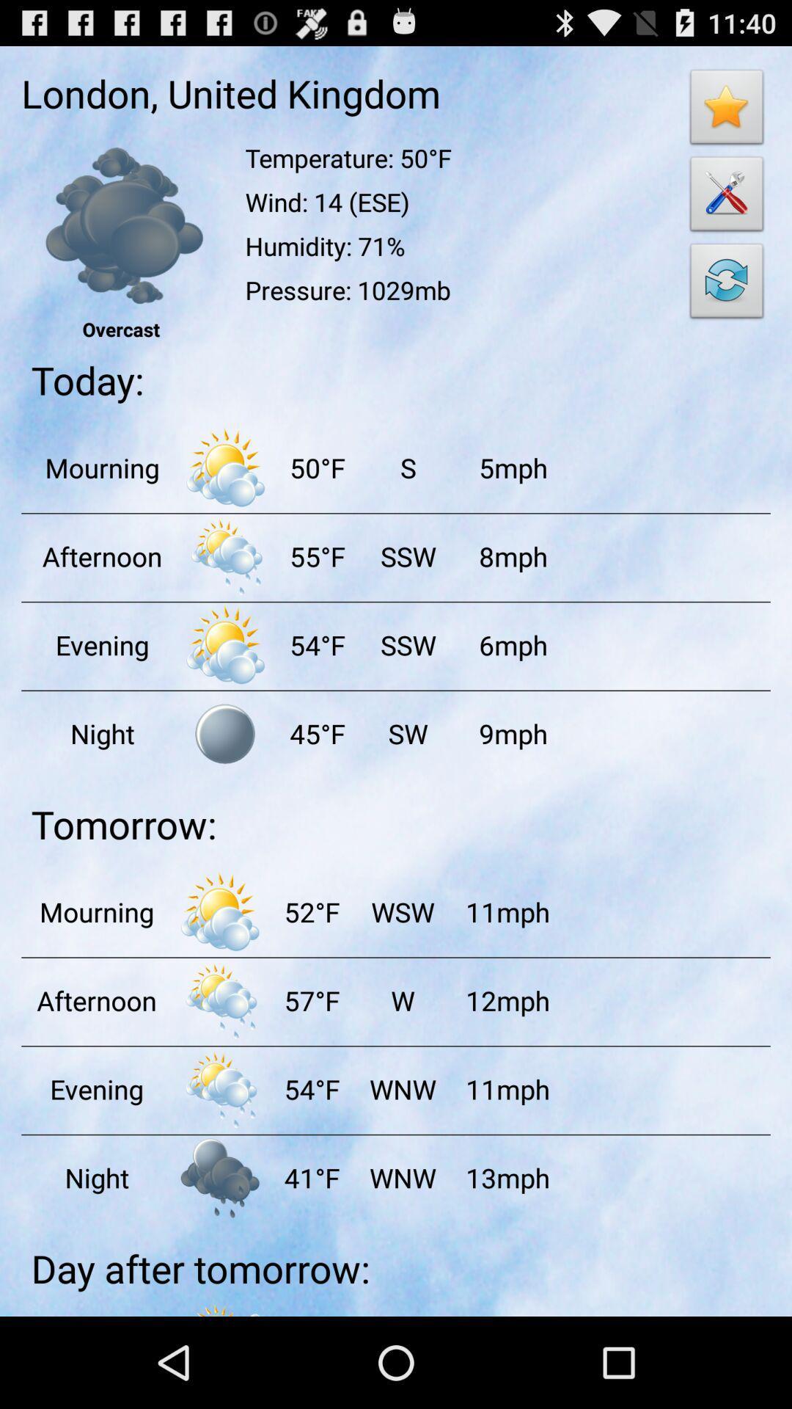  Describe the element at coordinates (225, 467) in the screenshot. I see `see the weather` at that location.